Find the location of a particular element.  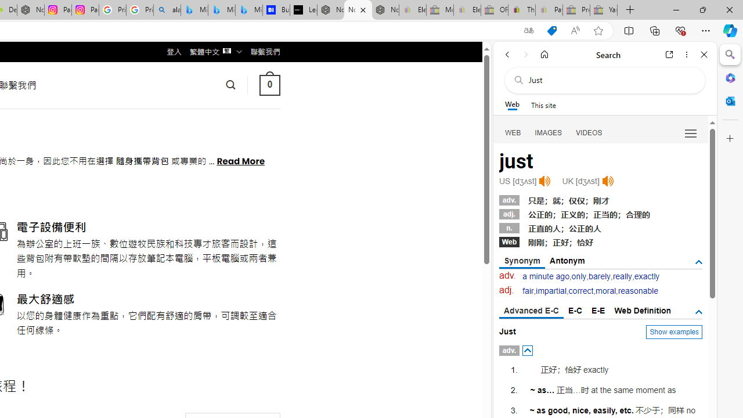

'Threats and offensive language policy | eBay' is located at coordinates (521, 10).